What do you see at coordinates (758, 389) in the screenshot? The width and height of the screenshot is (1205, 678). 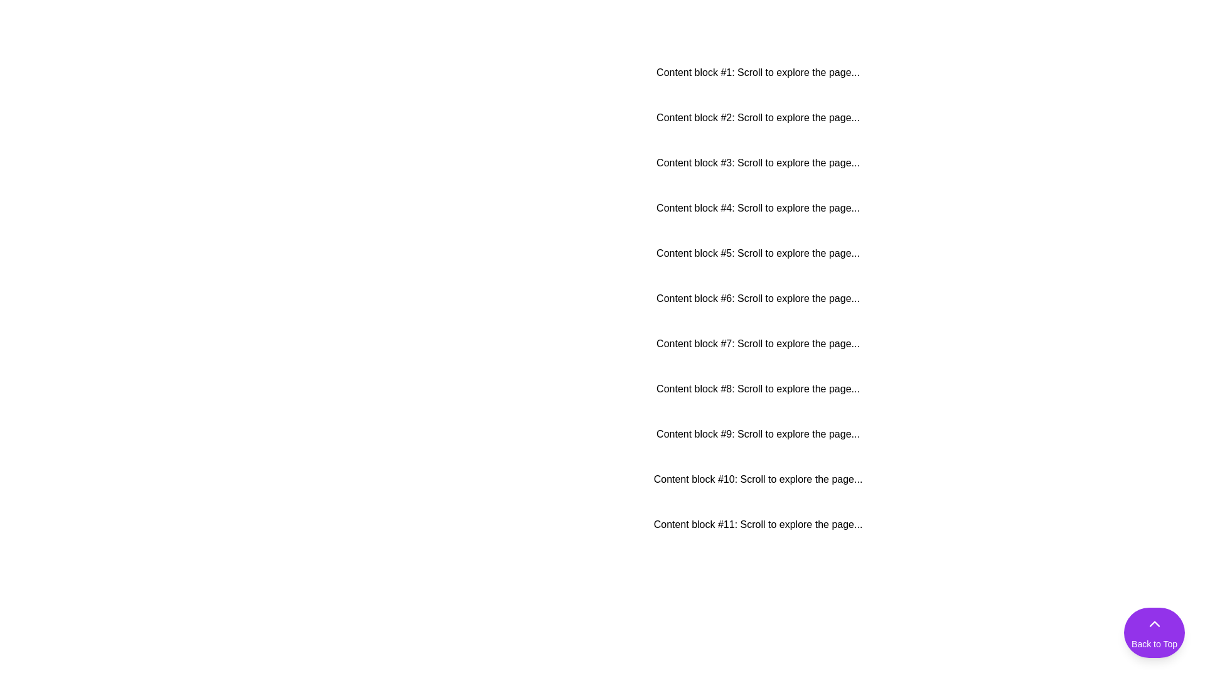 I see `text label that displays 'Content block #8: Scroll to explore the page...' which is the eighth item in a vertical sequence of content blocks` at bounding box center [758, 389].